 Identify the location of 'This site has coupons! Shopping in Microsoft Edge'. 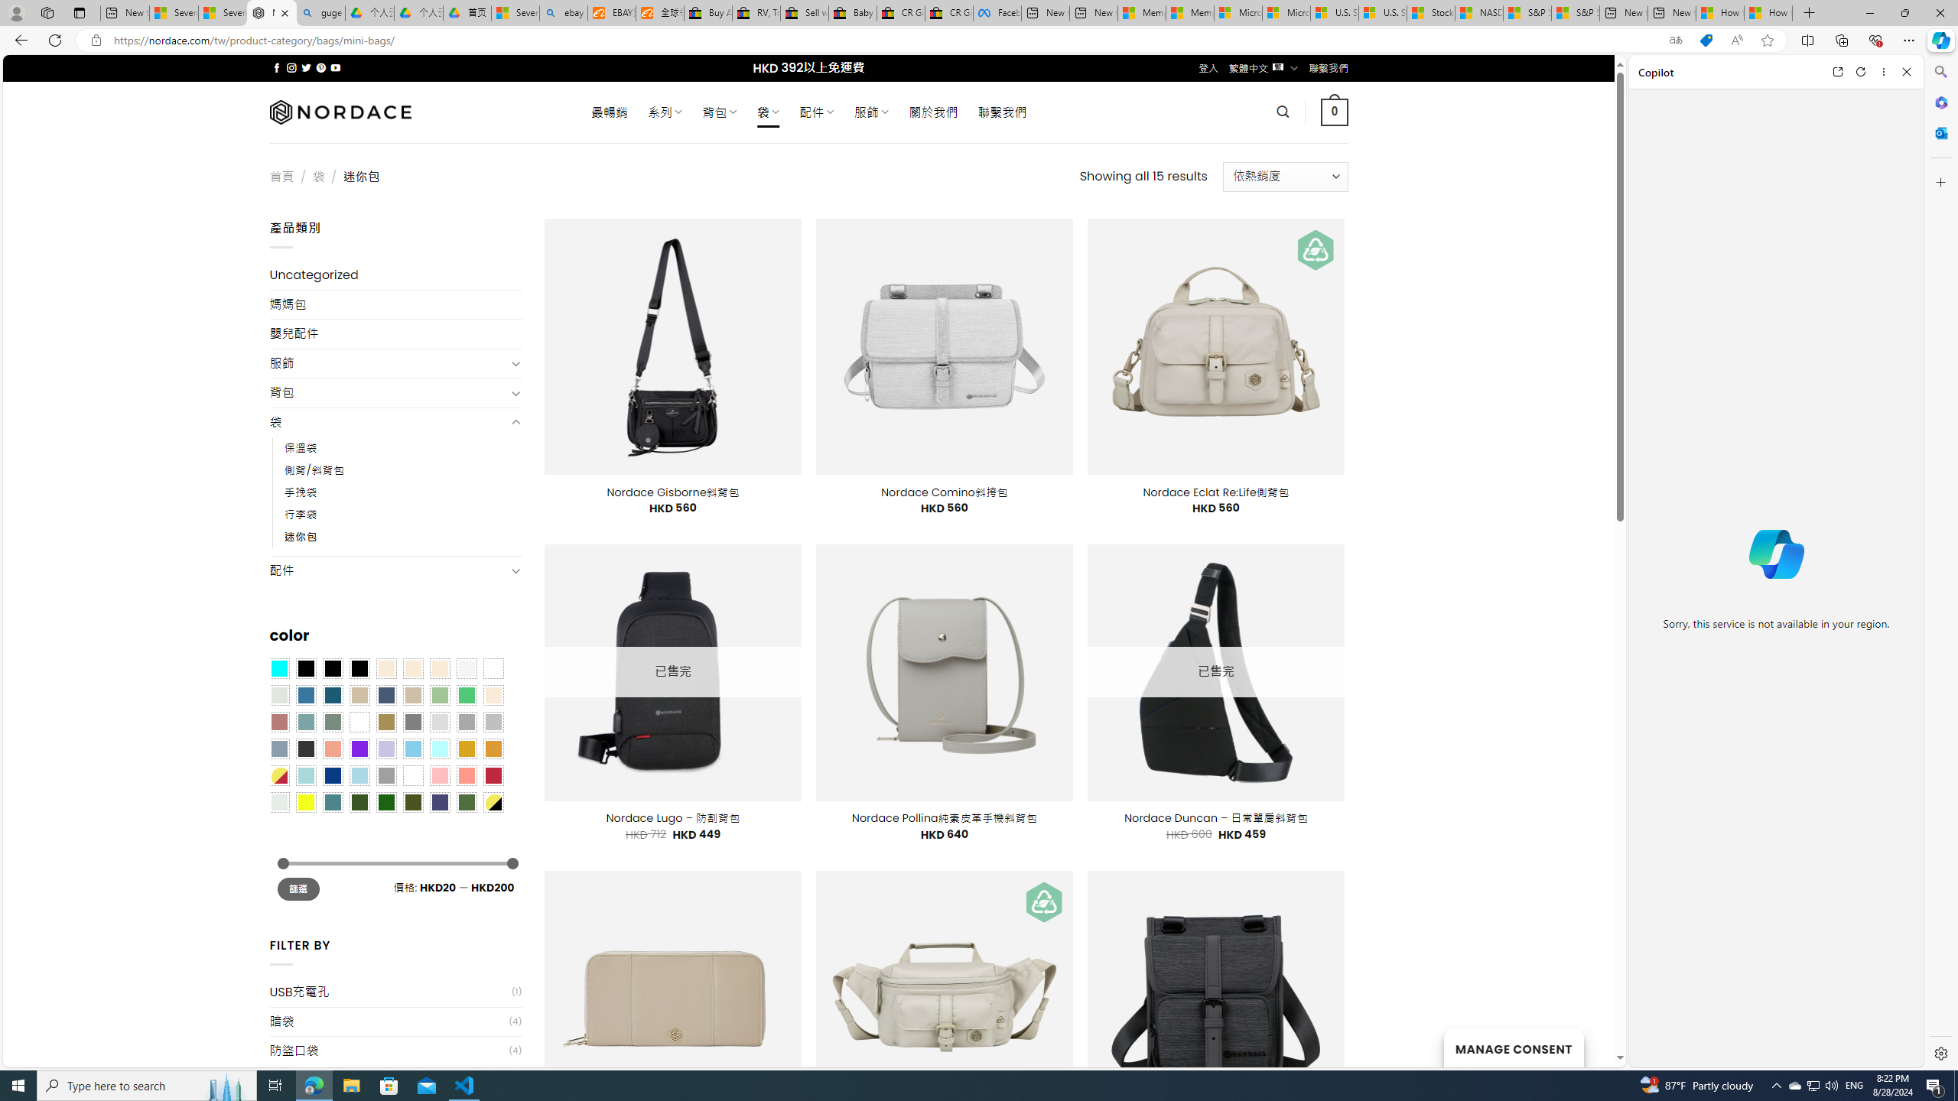
(1706, 41).